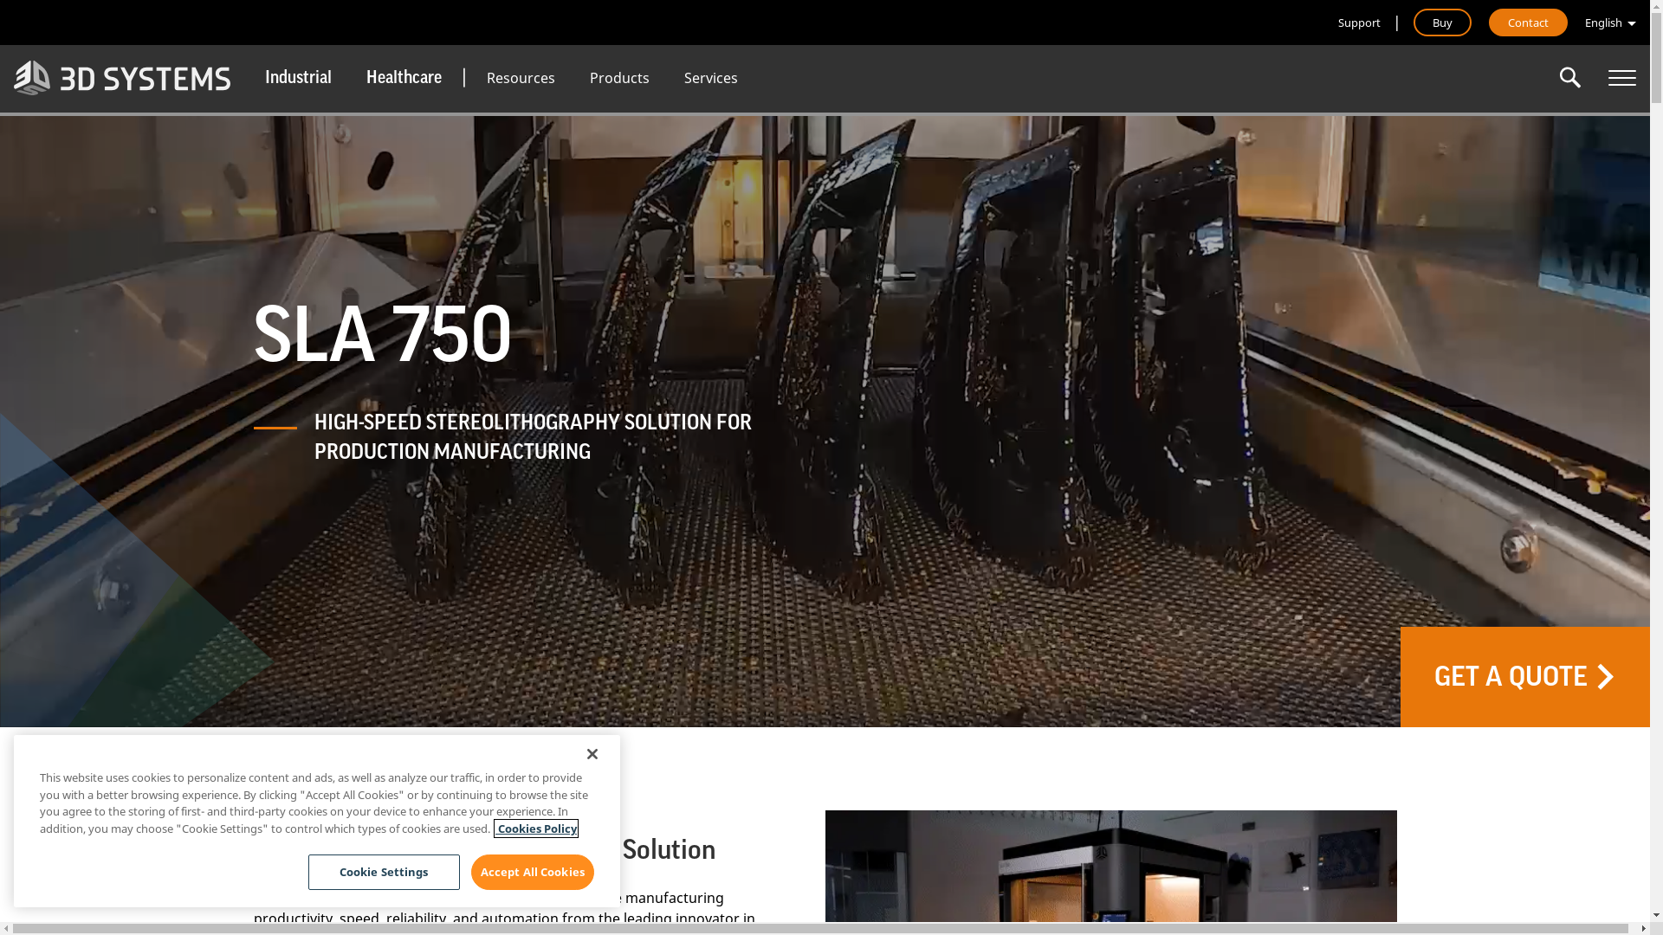 Image resolution: width=1663 pixels, height=935 pixels. Describe the element at coordinates (470, 872) in the screenshot. I see `'Accept All Cookies'` at that location.